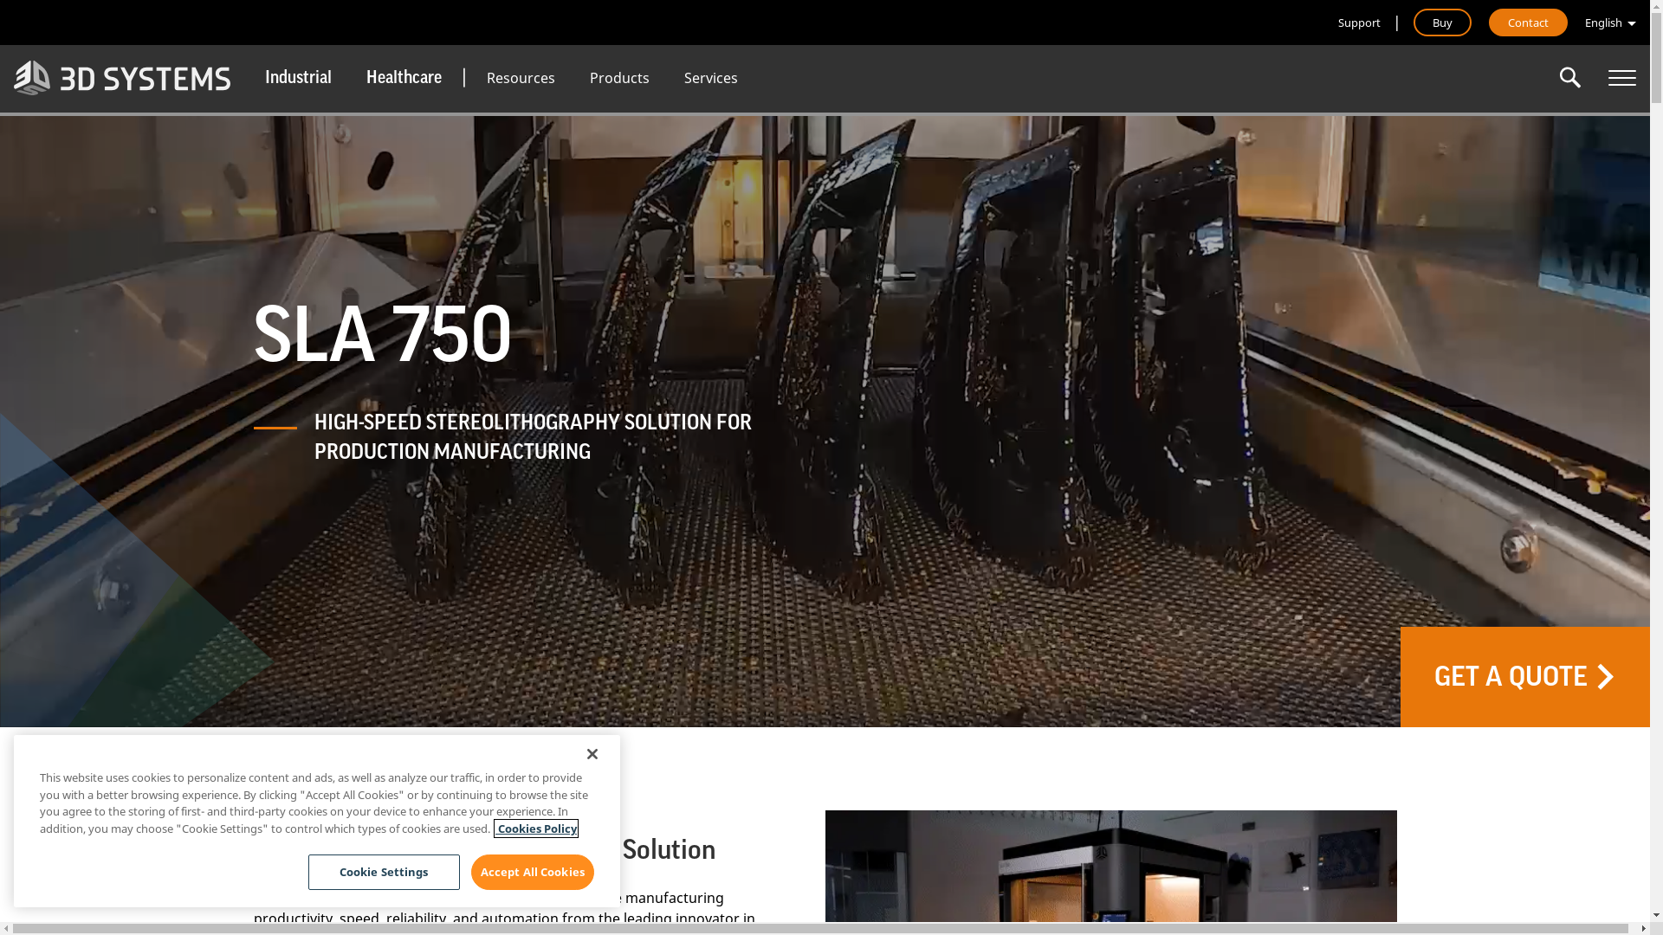 Image resolution: width=1663 pixels, height=935 pixels. Describe the element at coordinates (470, 872) in the screenshot. I see `'Accept All Cookies'` at that location.